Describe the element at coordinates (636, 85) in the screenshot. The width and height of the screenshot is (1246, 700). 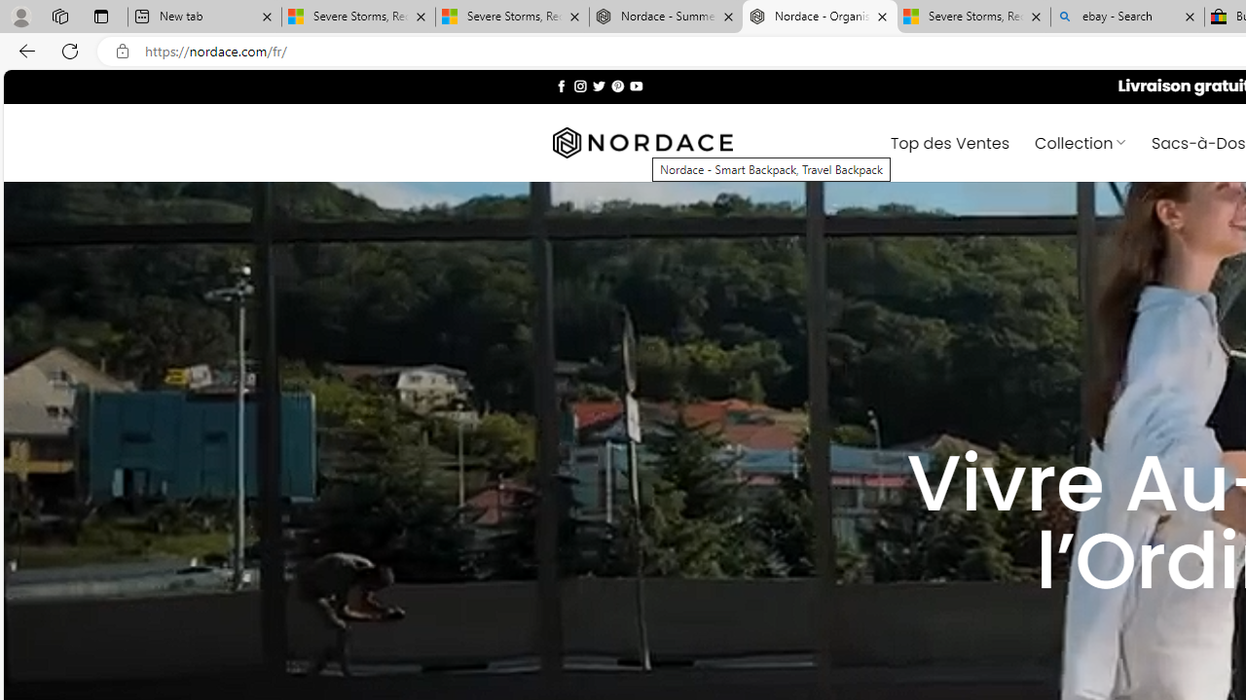
I see `'Nous suivre sur Youtube'` at that location.